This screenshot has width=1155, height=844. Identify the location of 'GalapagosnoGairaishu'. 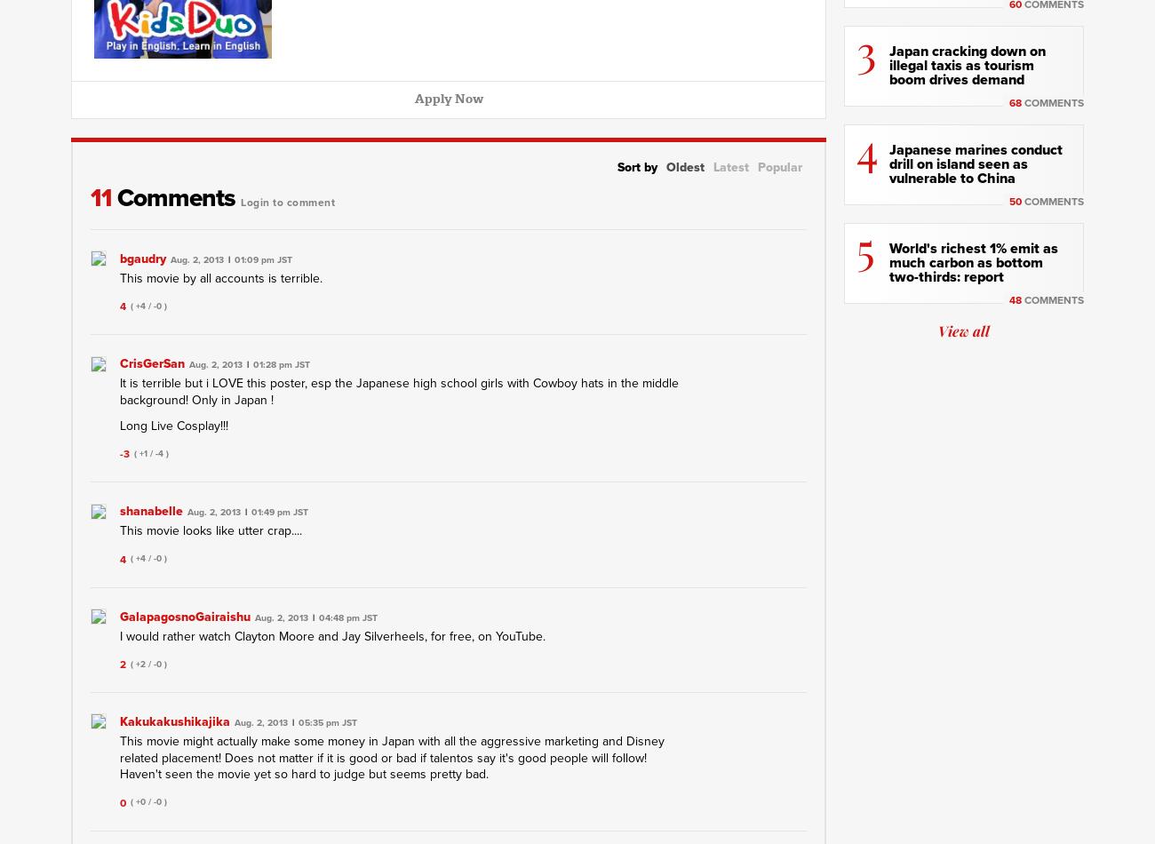
(185, 616).